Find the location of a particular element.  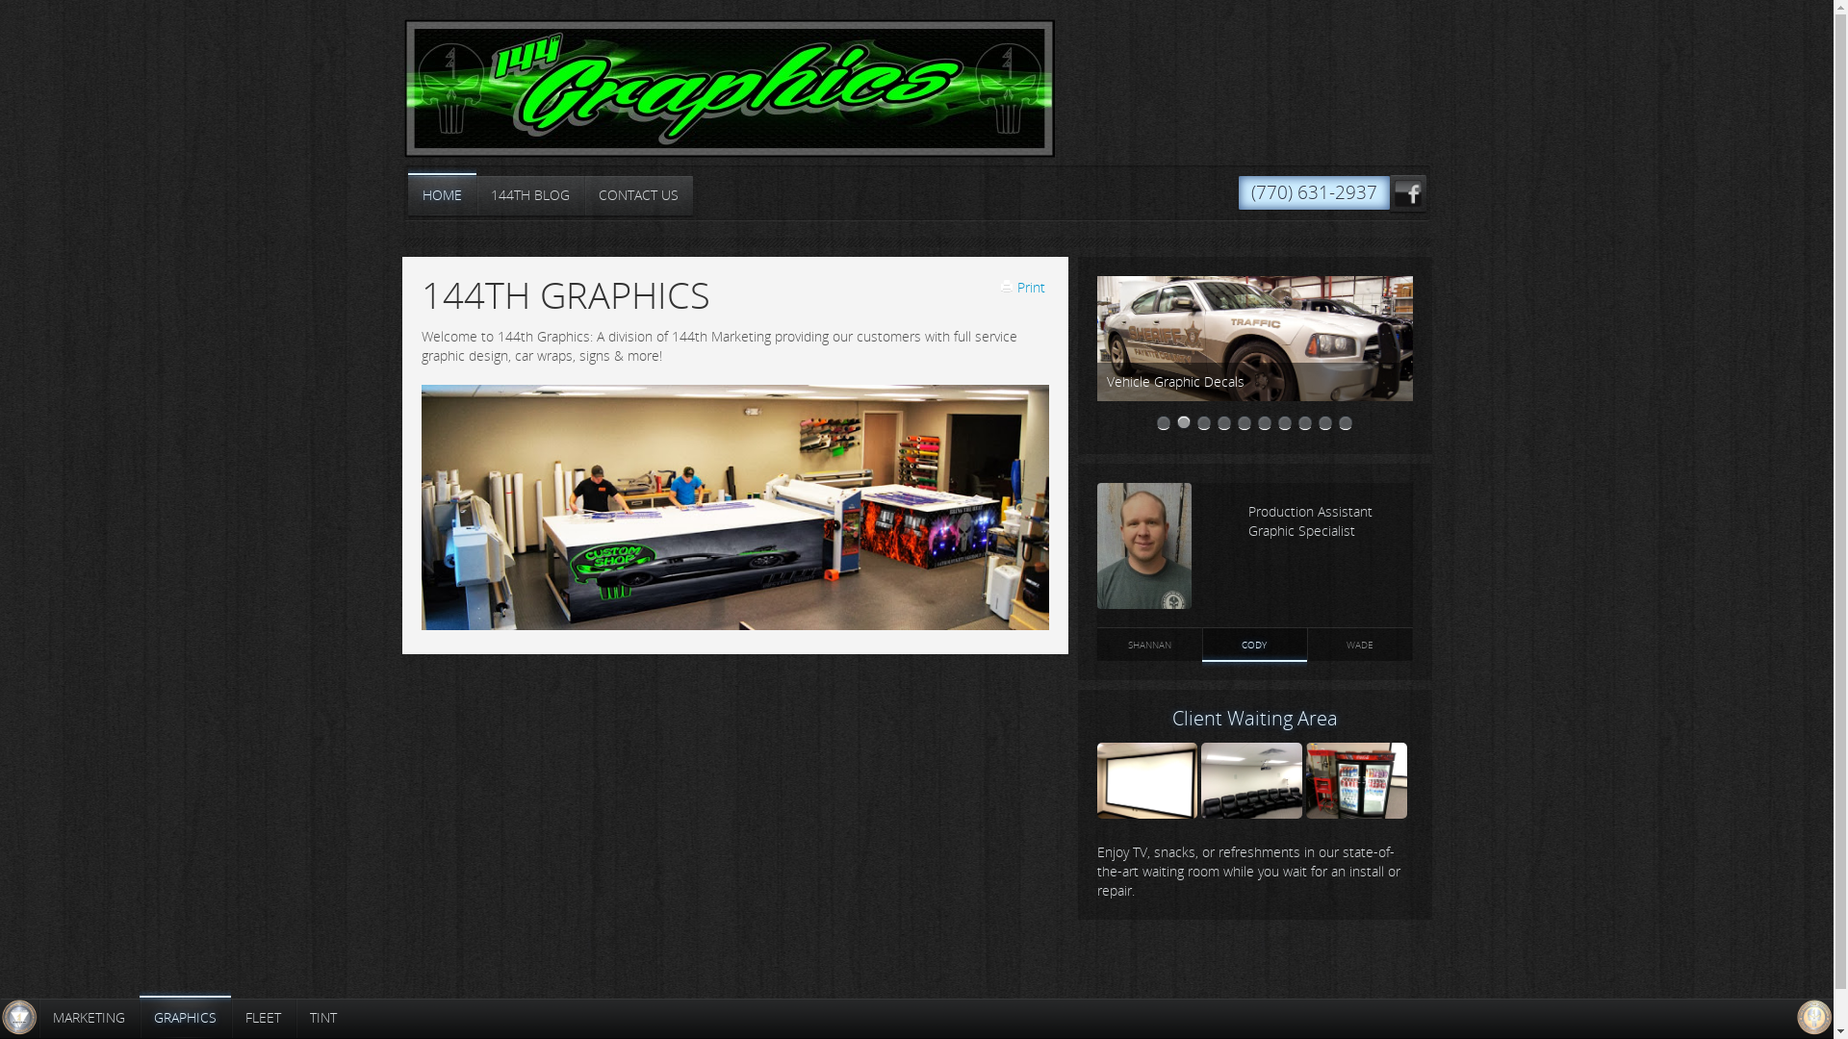

'HOME' is located at coordinates (441, 195).